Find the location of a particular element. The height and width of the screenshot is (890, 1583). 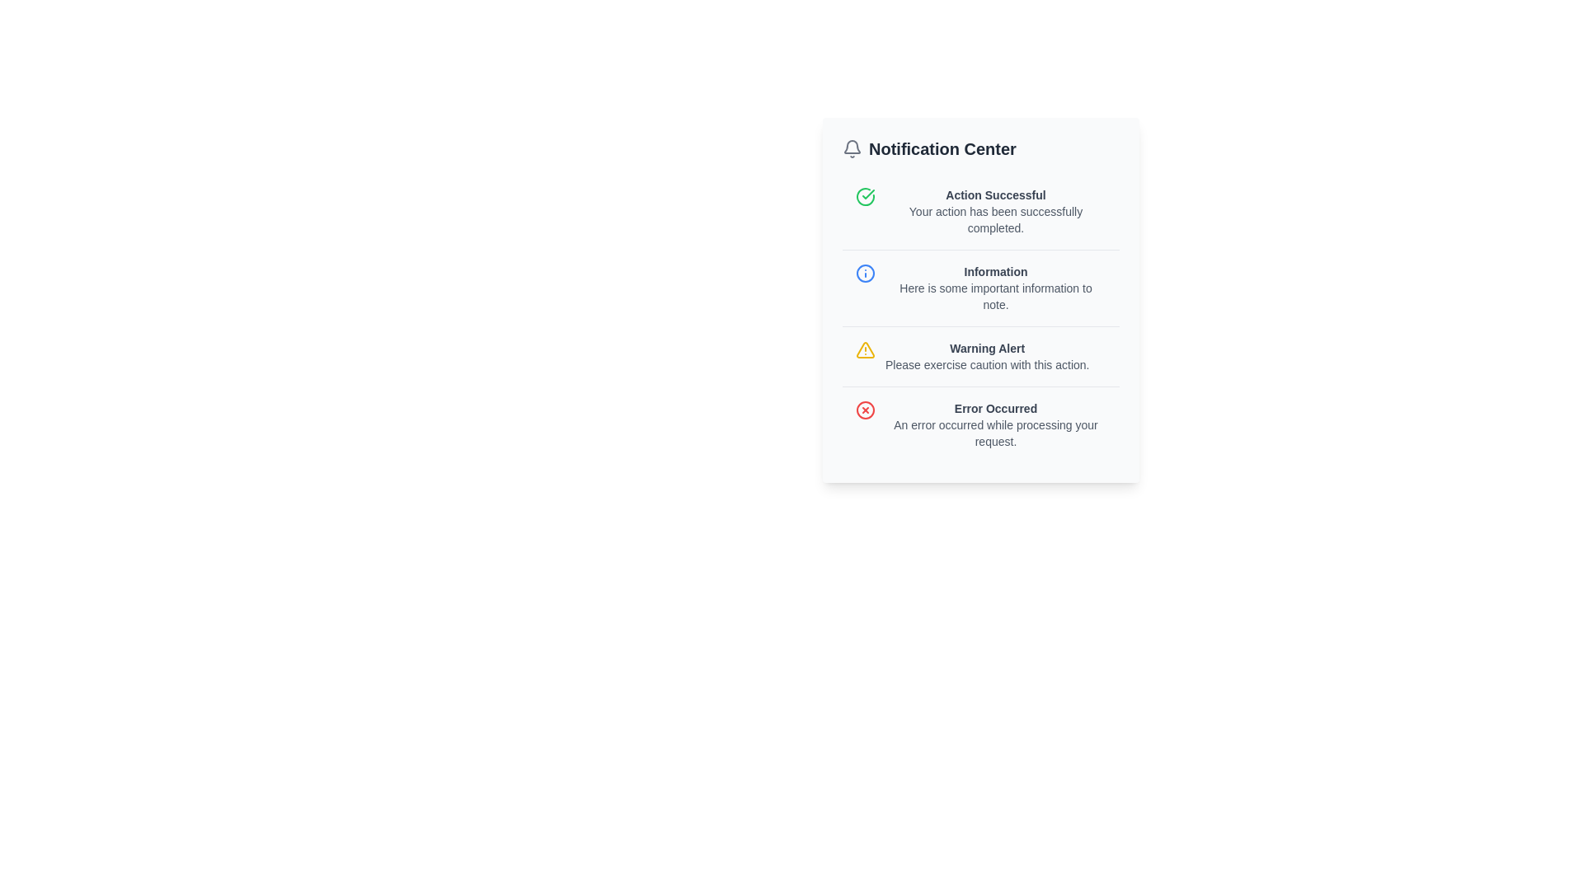

the third notification entry labeled 'Warning Alert' in the notification center is located at coordinates (981, 355).